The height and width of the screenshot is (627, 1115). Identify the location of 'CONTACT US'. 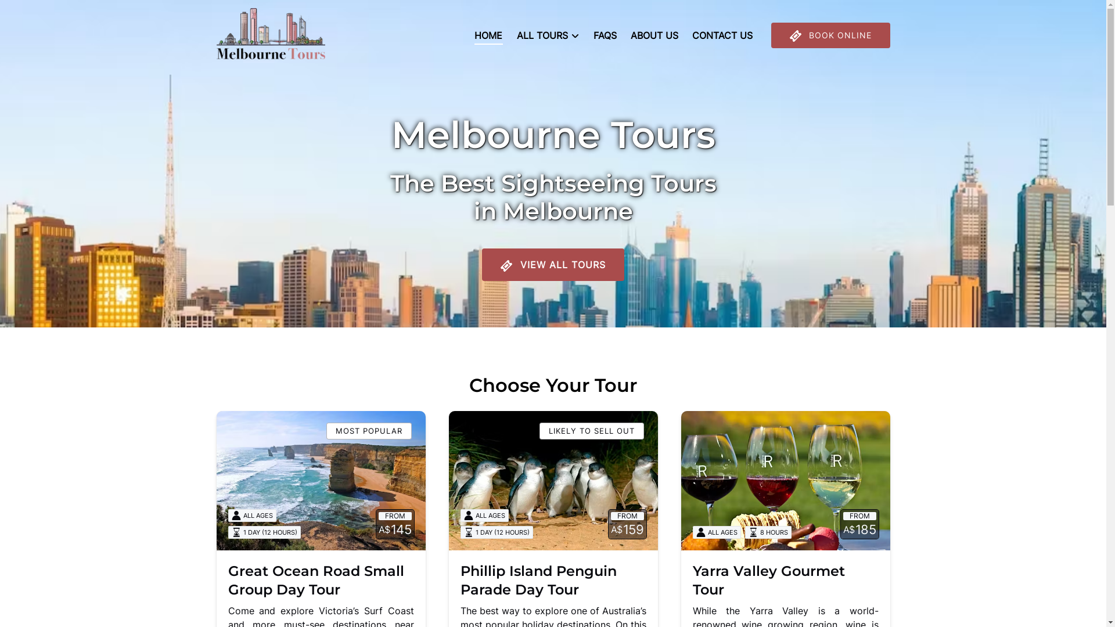
(721, 35).